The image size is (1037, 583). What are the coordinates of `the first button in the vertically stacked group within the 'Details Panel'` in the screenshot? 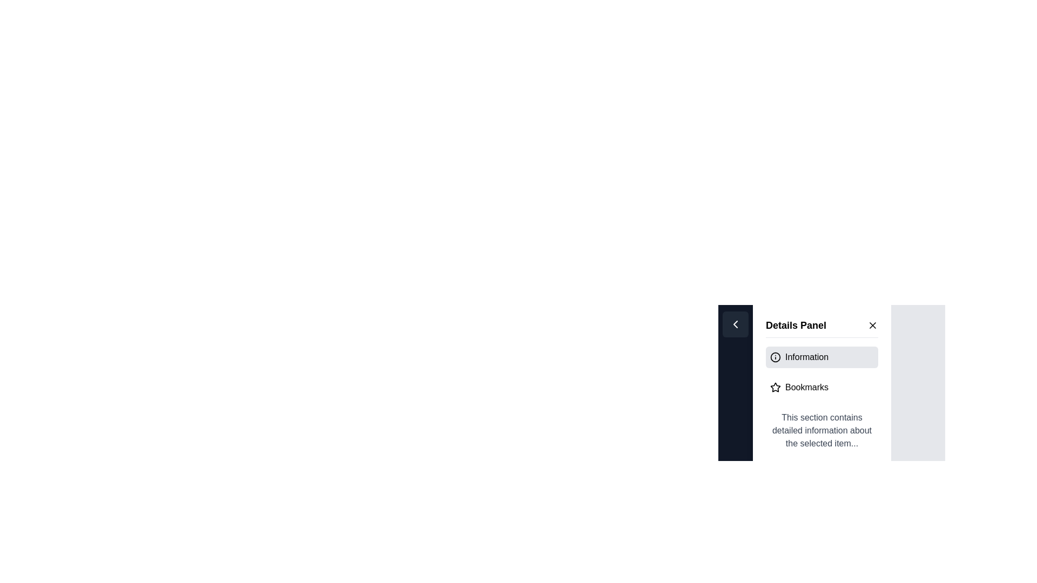 It's located at (821, 357).